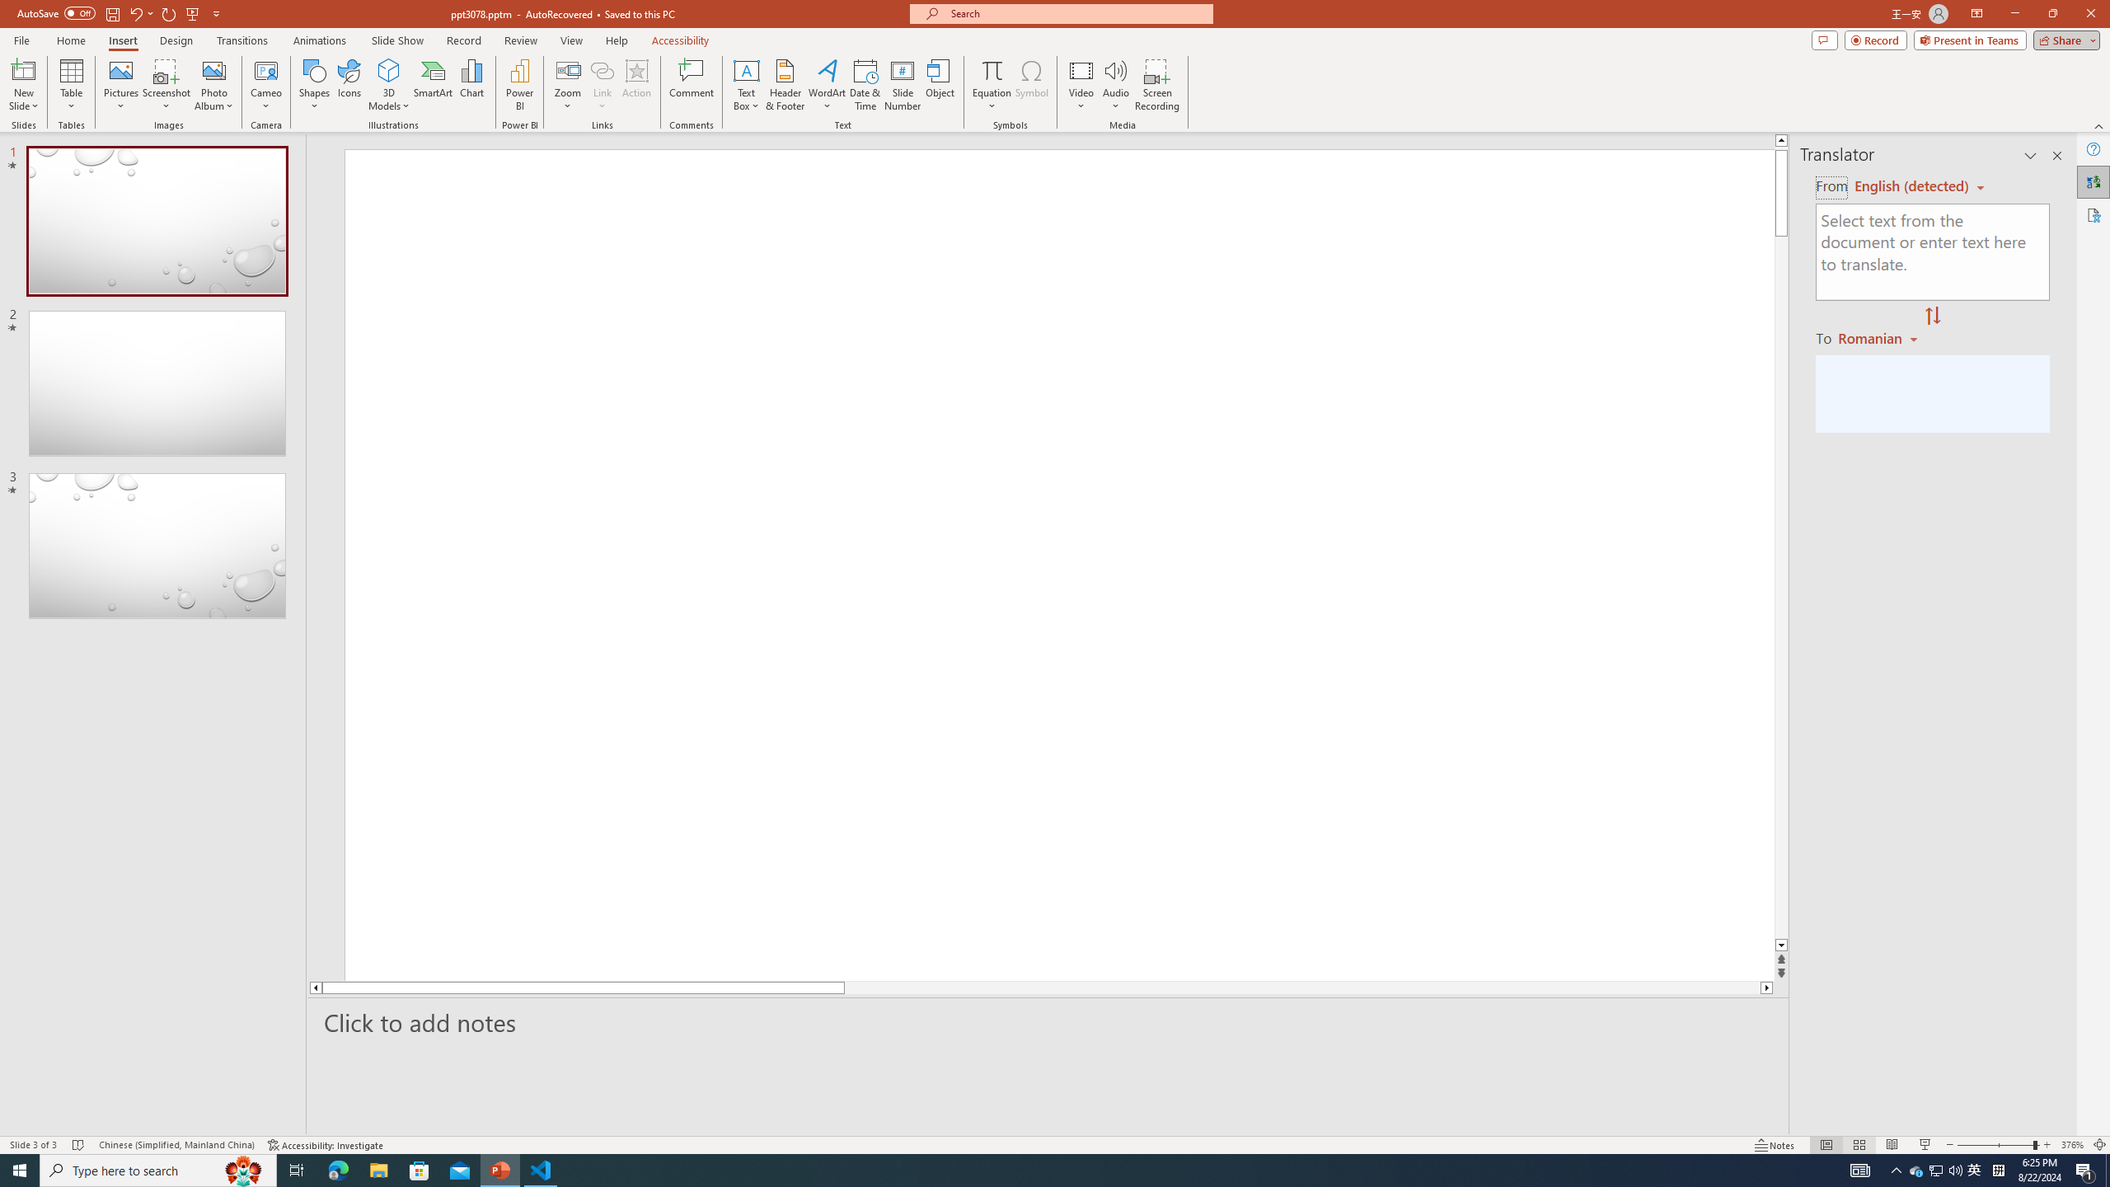 The height and width of the screenshot is (1187, 2110). Describe the element at coordinates (746, 69) in the screenshot. I see `'Draw Horizontal Text Box'` at that location.